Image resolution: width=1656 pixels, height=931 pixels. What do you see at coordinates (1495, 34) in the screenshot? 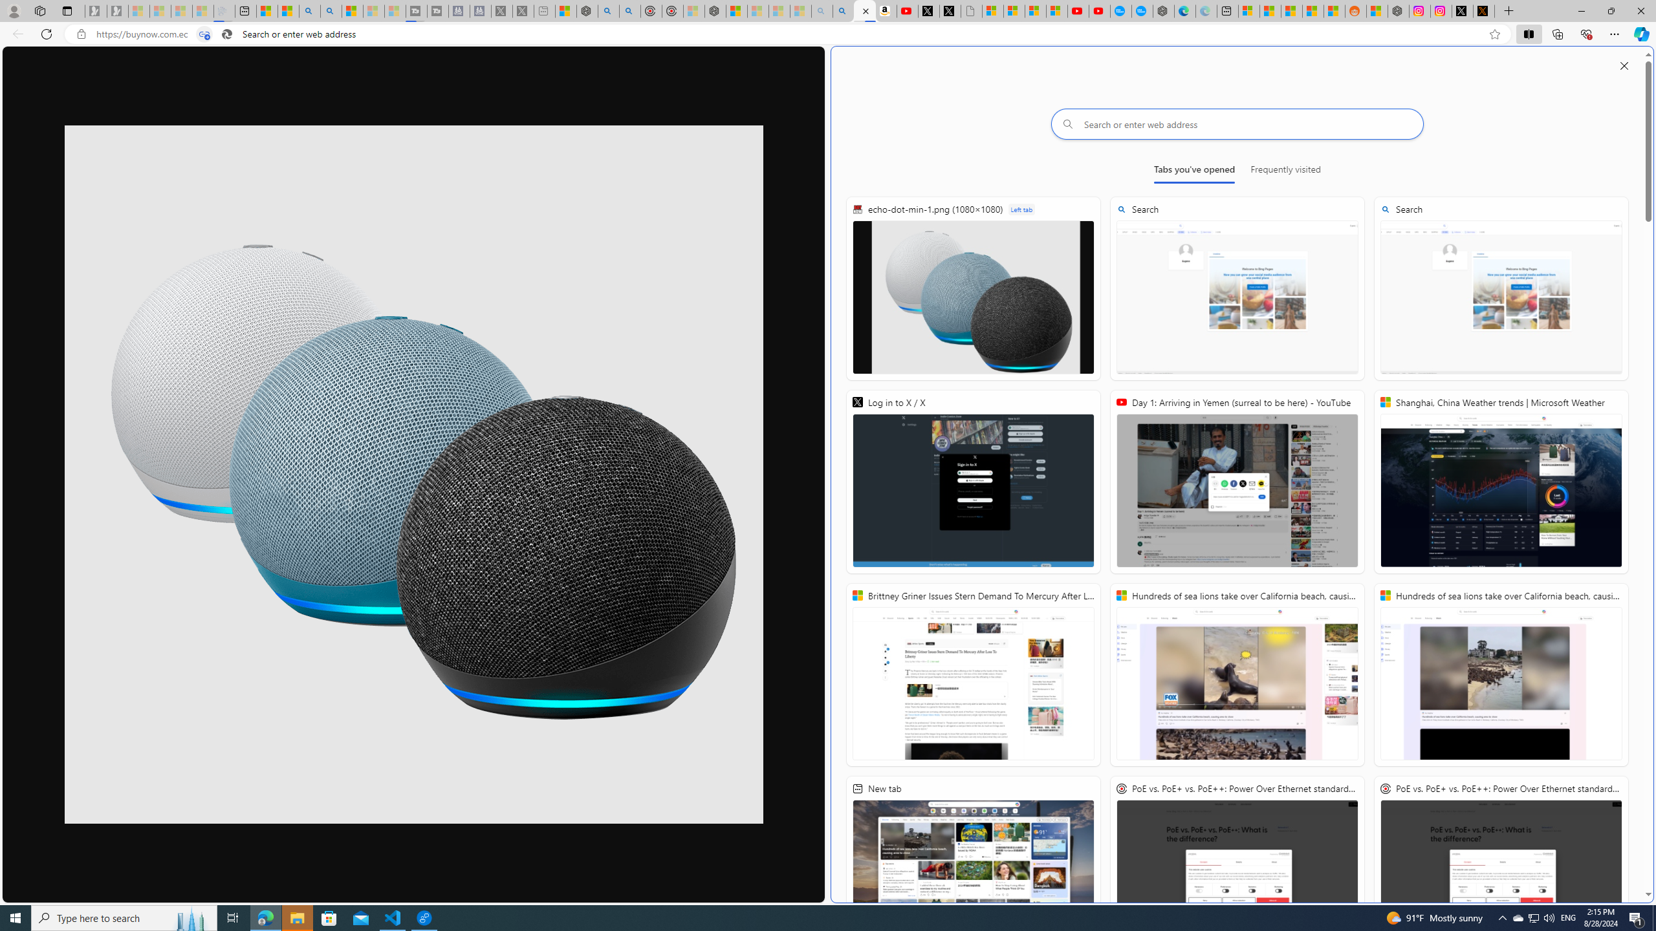
I see `'Add this page to favorites (Ctrl+D)'` at bounding box center [1495, 34].